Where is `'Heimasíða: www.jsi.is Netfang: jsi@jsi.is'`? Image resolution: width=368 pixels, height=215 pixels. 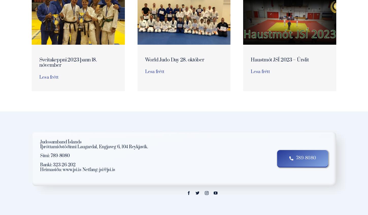
'Heimasíða: www.jsi.is Netfang: jsi@jsi.is' is located at coordinates (77, 170).